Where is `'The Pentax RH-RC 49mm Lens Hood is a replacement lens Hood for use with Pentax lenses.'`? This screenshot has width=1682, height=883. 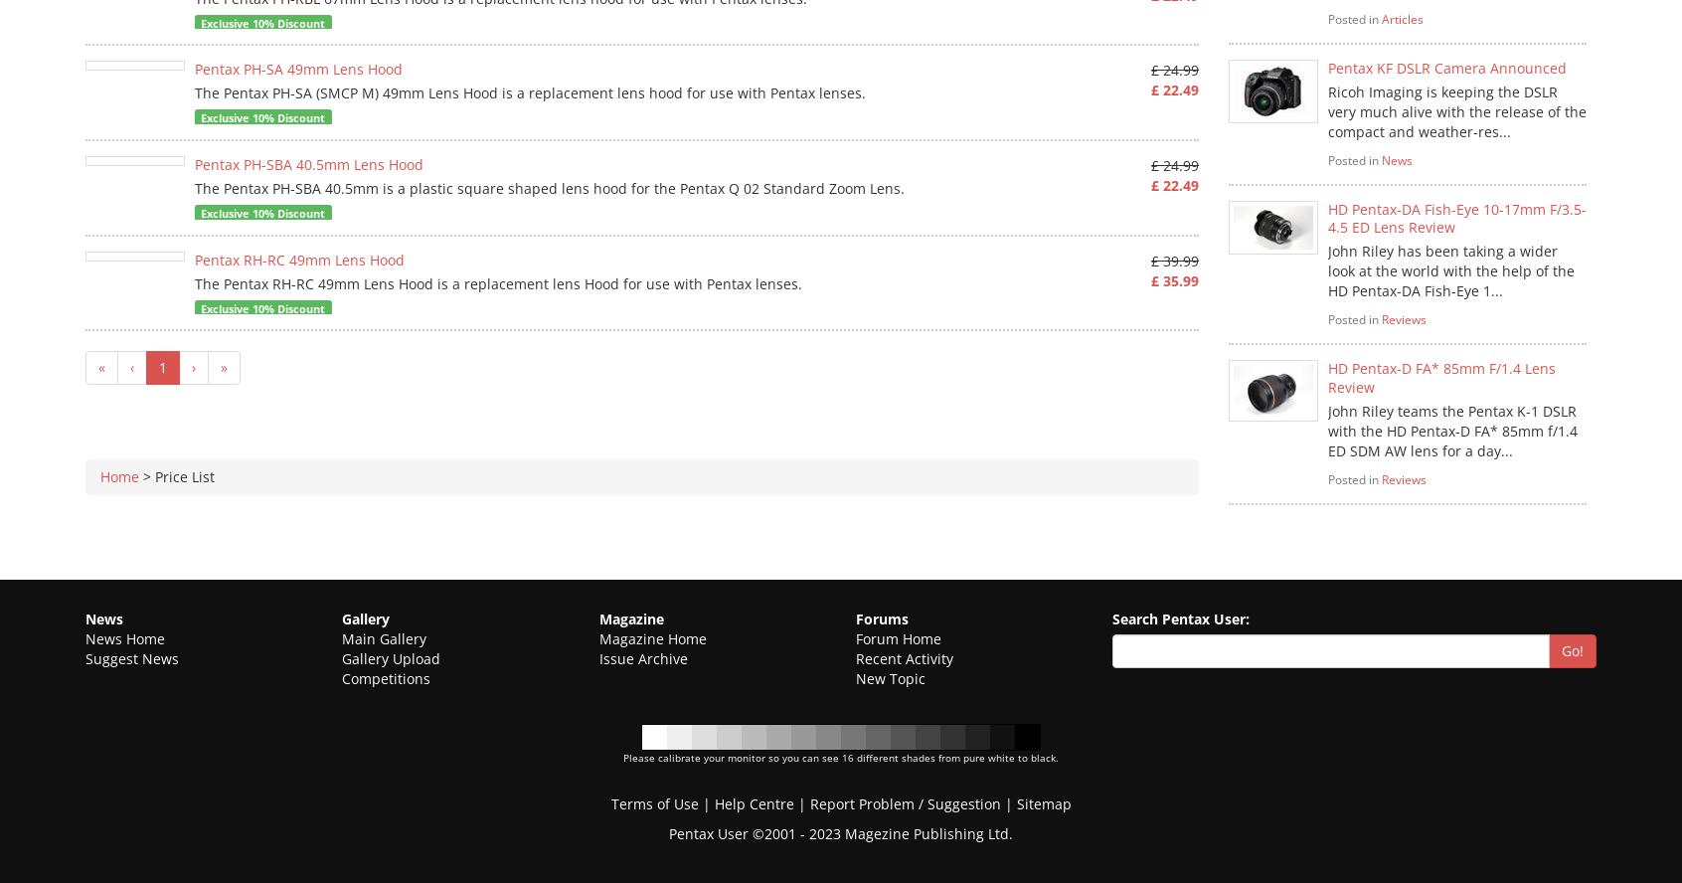
'The Pentax RH-RC 49mm Lens Hood is a replacement lens Hood for use with Pentax lenses.' is located at coordinates (193, 281).